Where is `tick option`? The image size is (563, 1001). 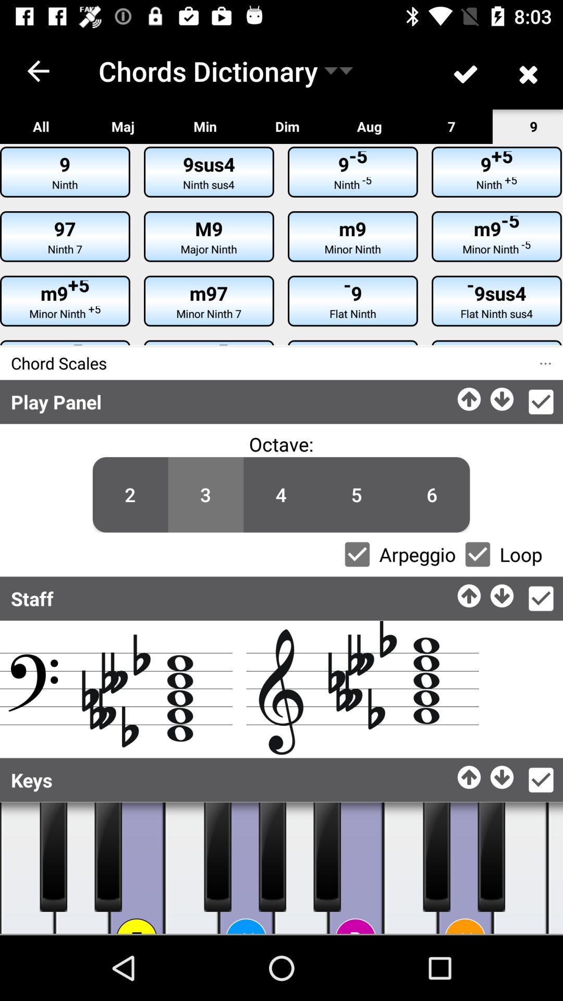 tick option is located at coordinates (540, 401).